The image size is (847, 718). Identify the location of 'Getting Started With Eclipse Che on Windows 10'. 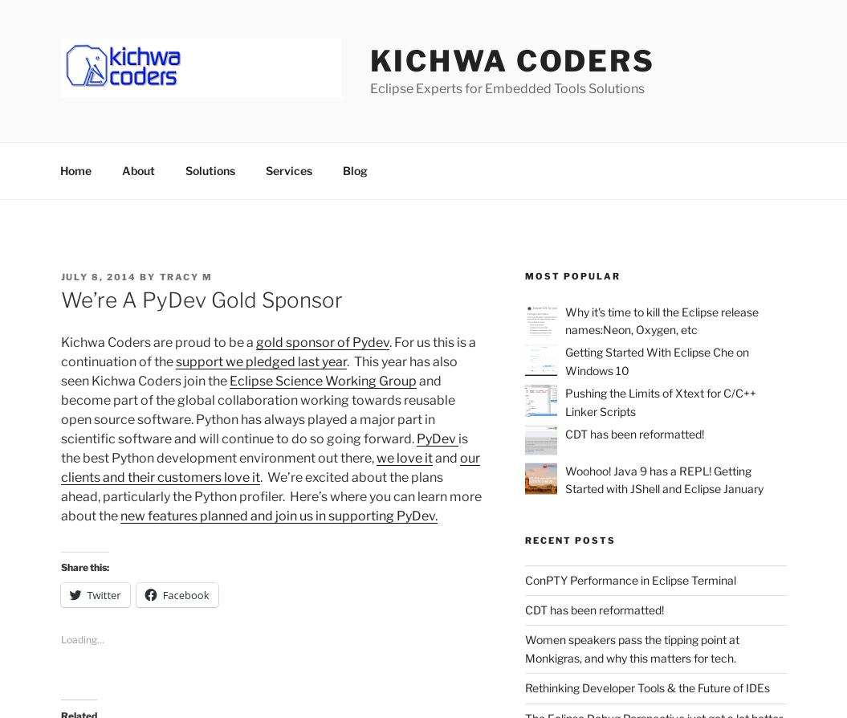
(565, 361).